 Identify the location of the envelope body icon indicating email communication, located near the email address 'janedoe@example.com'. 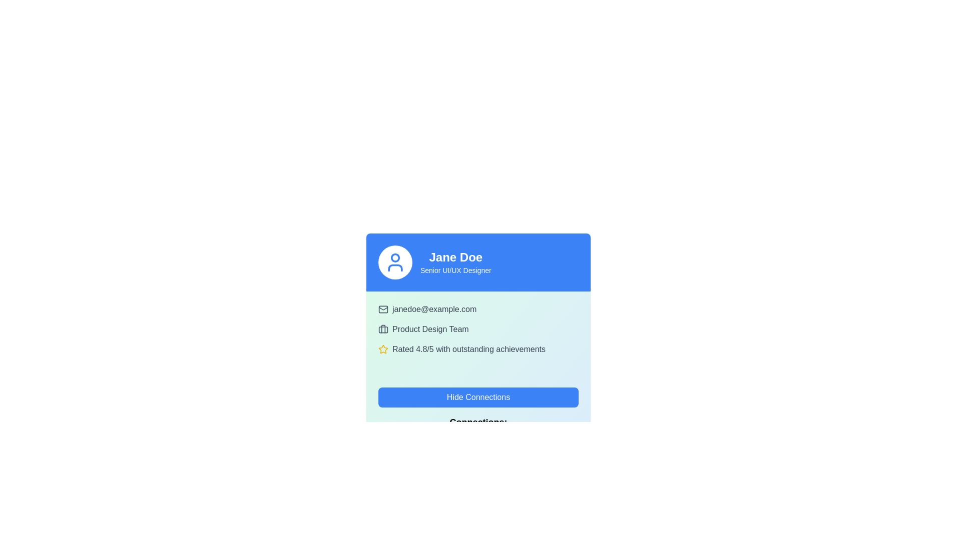
(383, 308).